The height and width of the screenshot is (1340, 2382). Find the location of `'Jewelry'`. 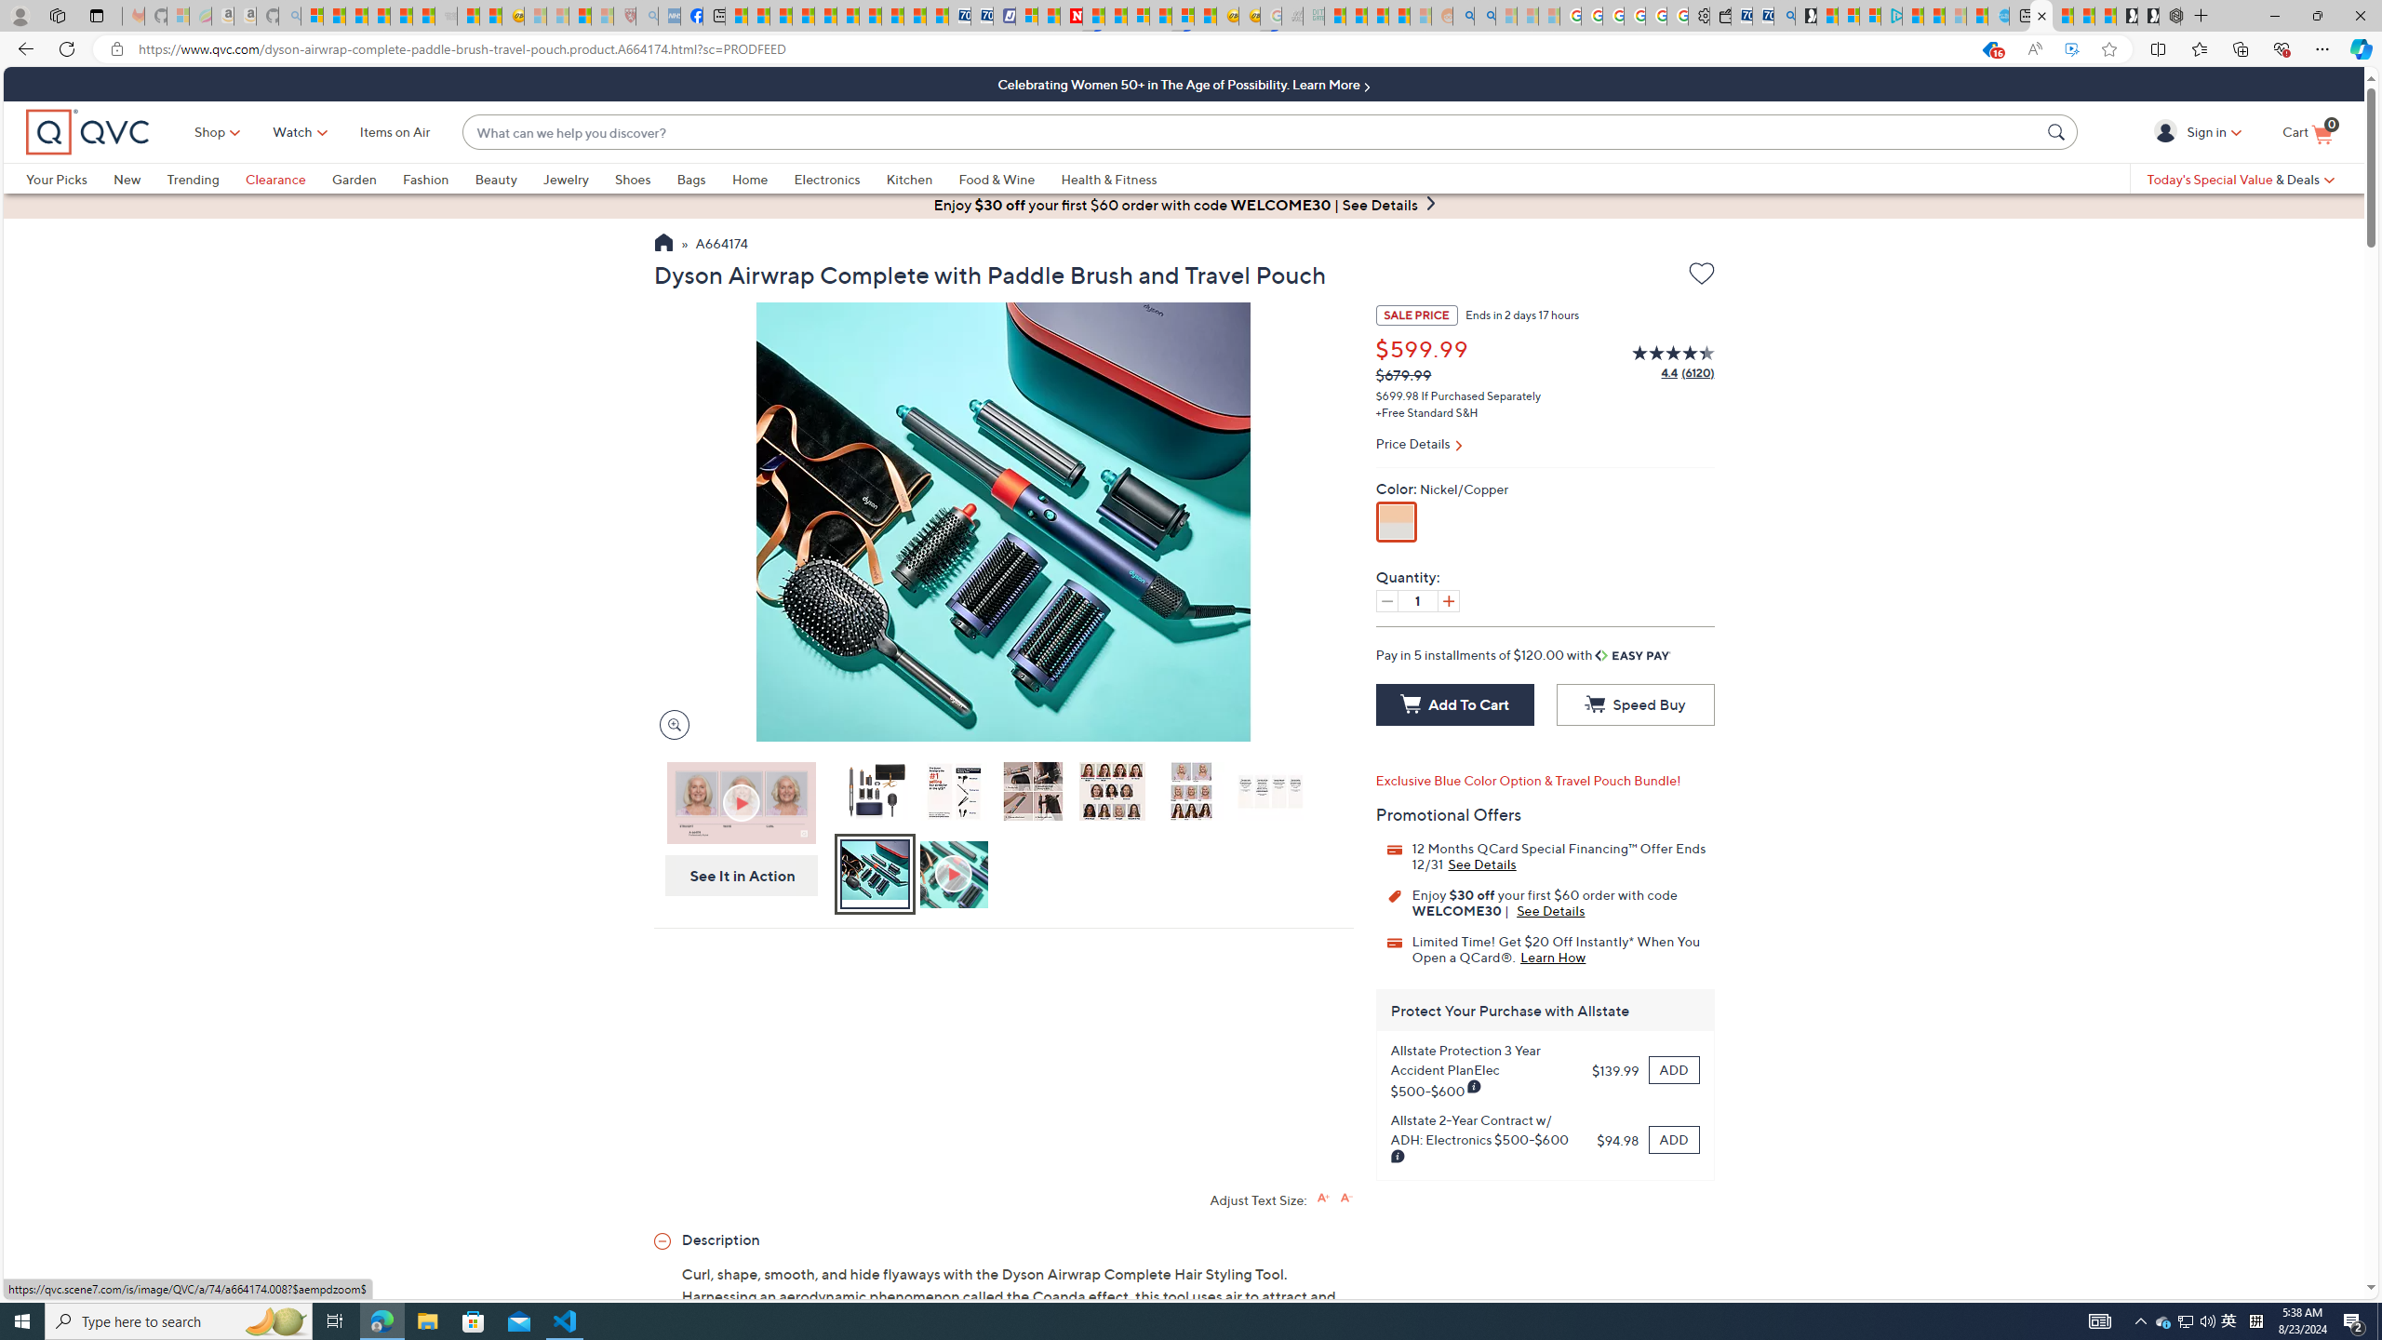

'Jewelry' is located at coordinates (565, 178).